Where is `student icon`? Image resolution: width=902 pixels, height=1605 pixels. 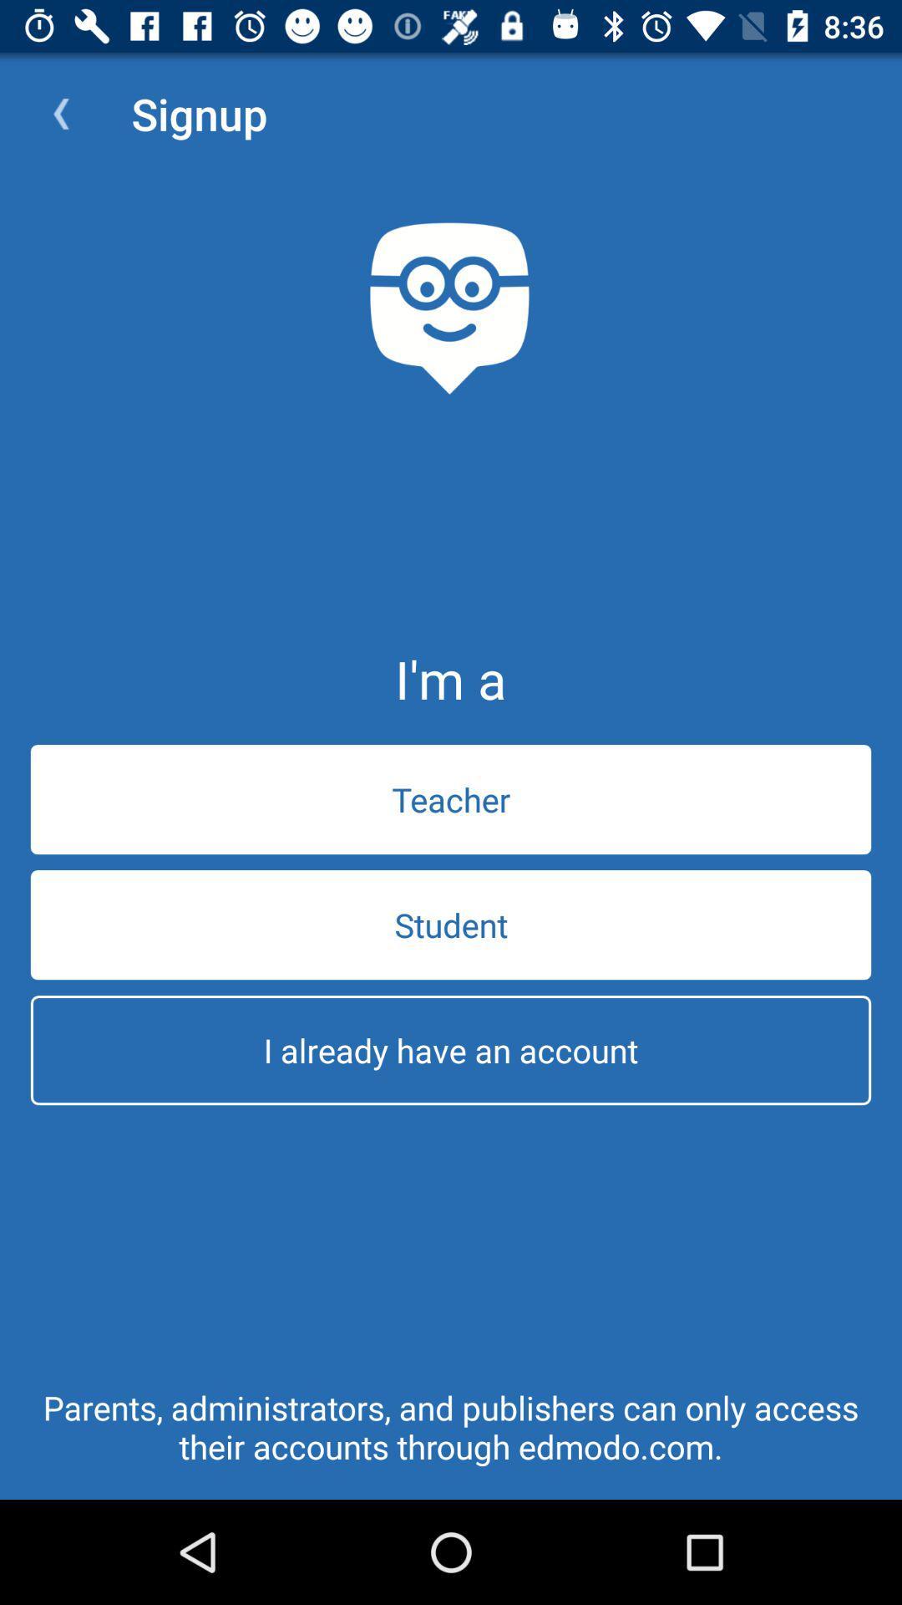 student icon is located at coordinates (451, 924).